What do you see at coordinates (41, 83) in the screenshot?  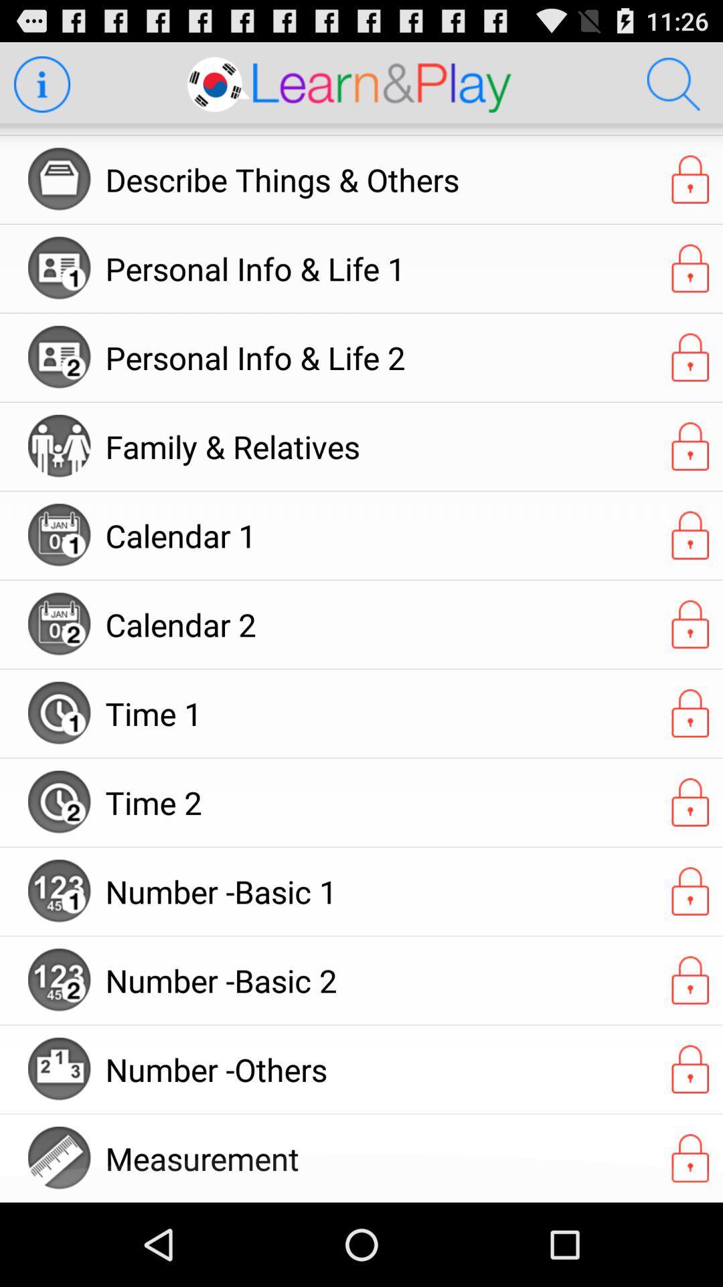 I see `get information` at bounding box center [41, 83].